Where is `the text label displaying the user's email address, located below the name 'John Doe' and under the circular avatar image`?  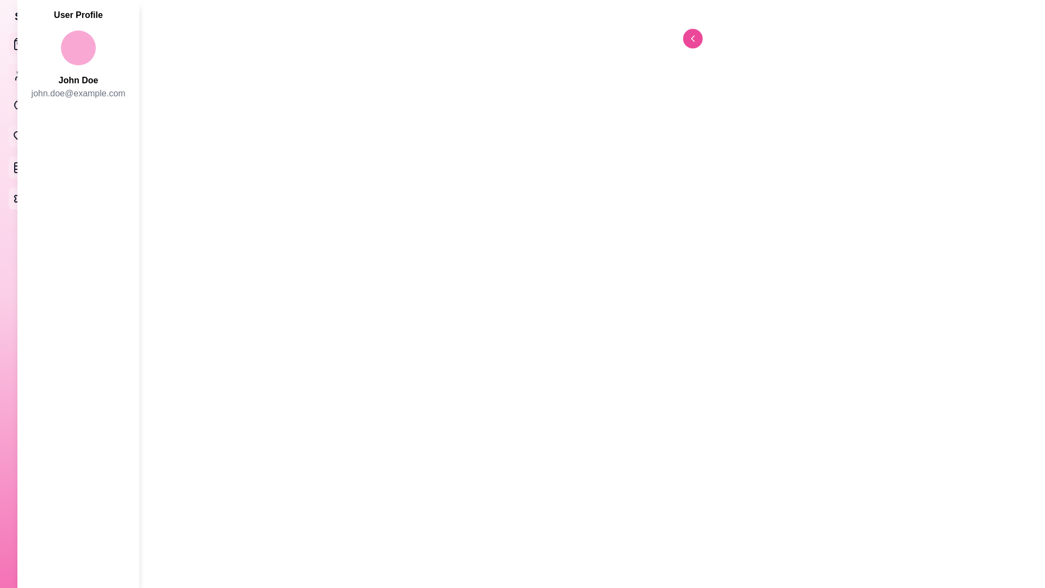
the text label displaying the user's email address, located below the name 'John Doe' and under the circular avatar image is located at coordinates (78, 93).